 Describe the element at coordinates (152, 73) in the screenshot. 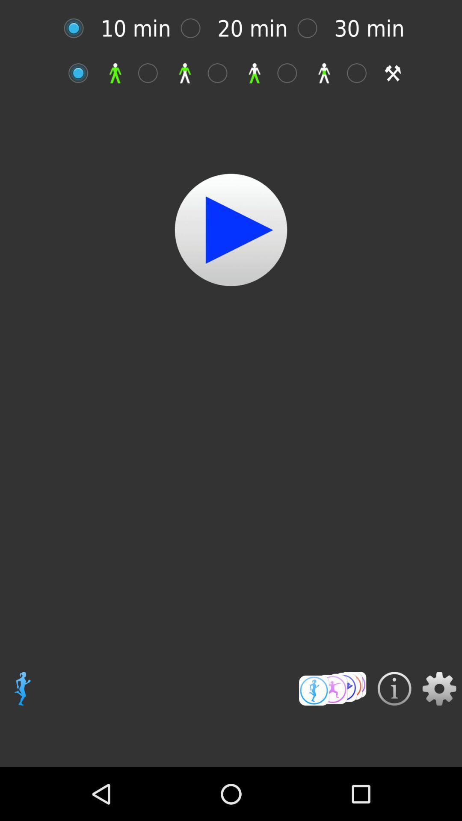

I see `option` at that location.